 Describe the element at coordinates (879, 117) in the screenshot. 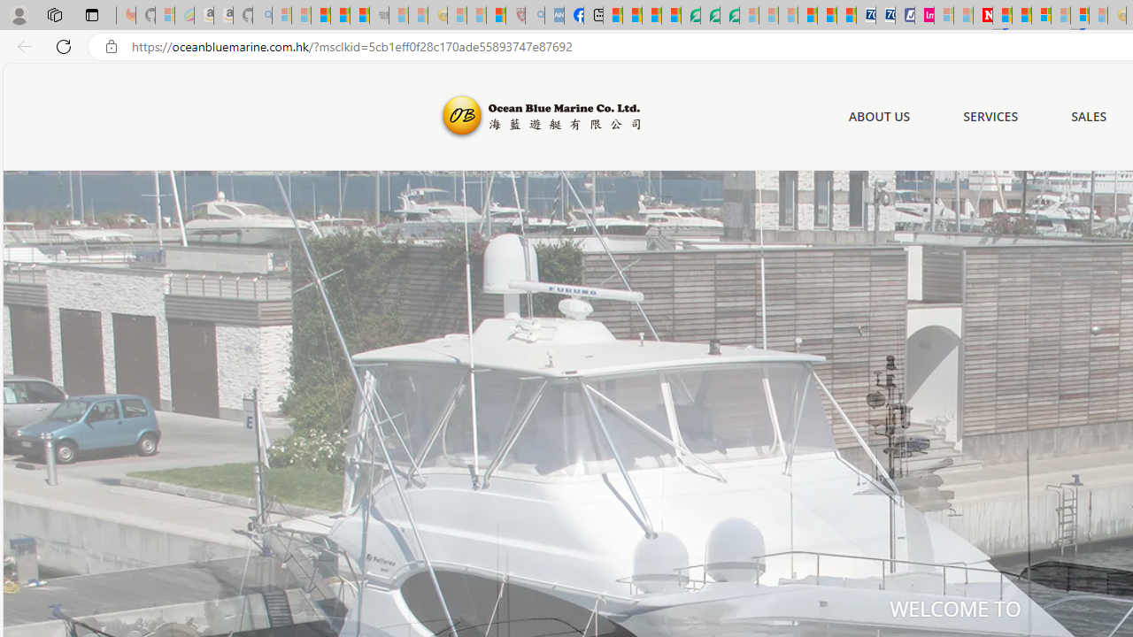

I see `'ABOUT US'` at that location.